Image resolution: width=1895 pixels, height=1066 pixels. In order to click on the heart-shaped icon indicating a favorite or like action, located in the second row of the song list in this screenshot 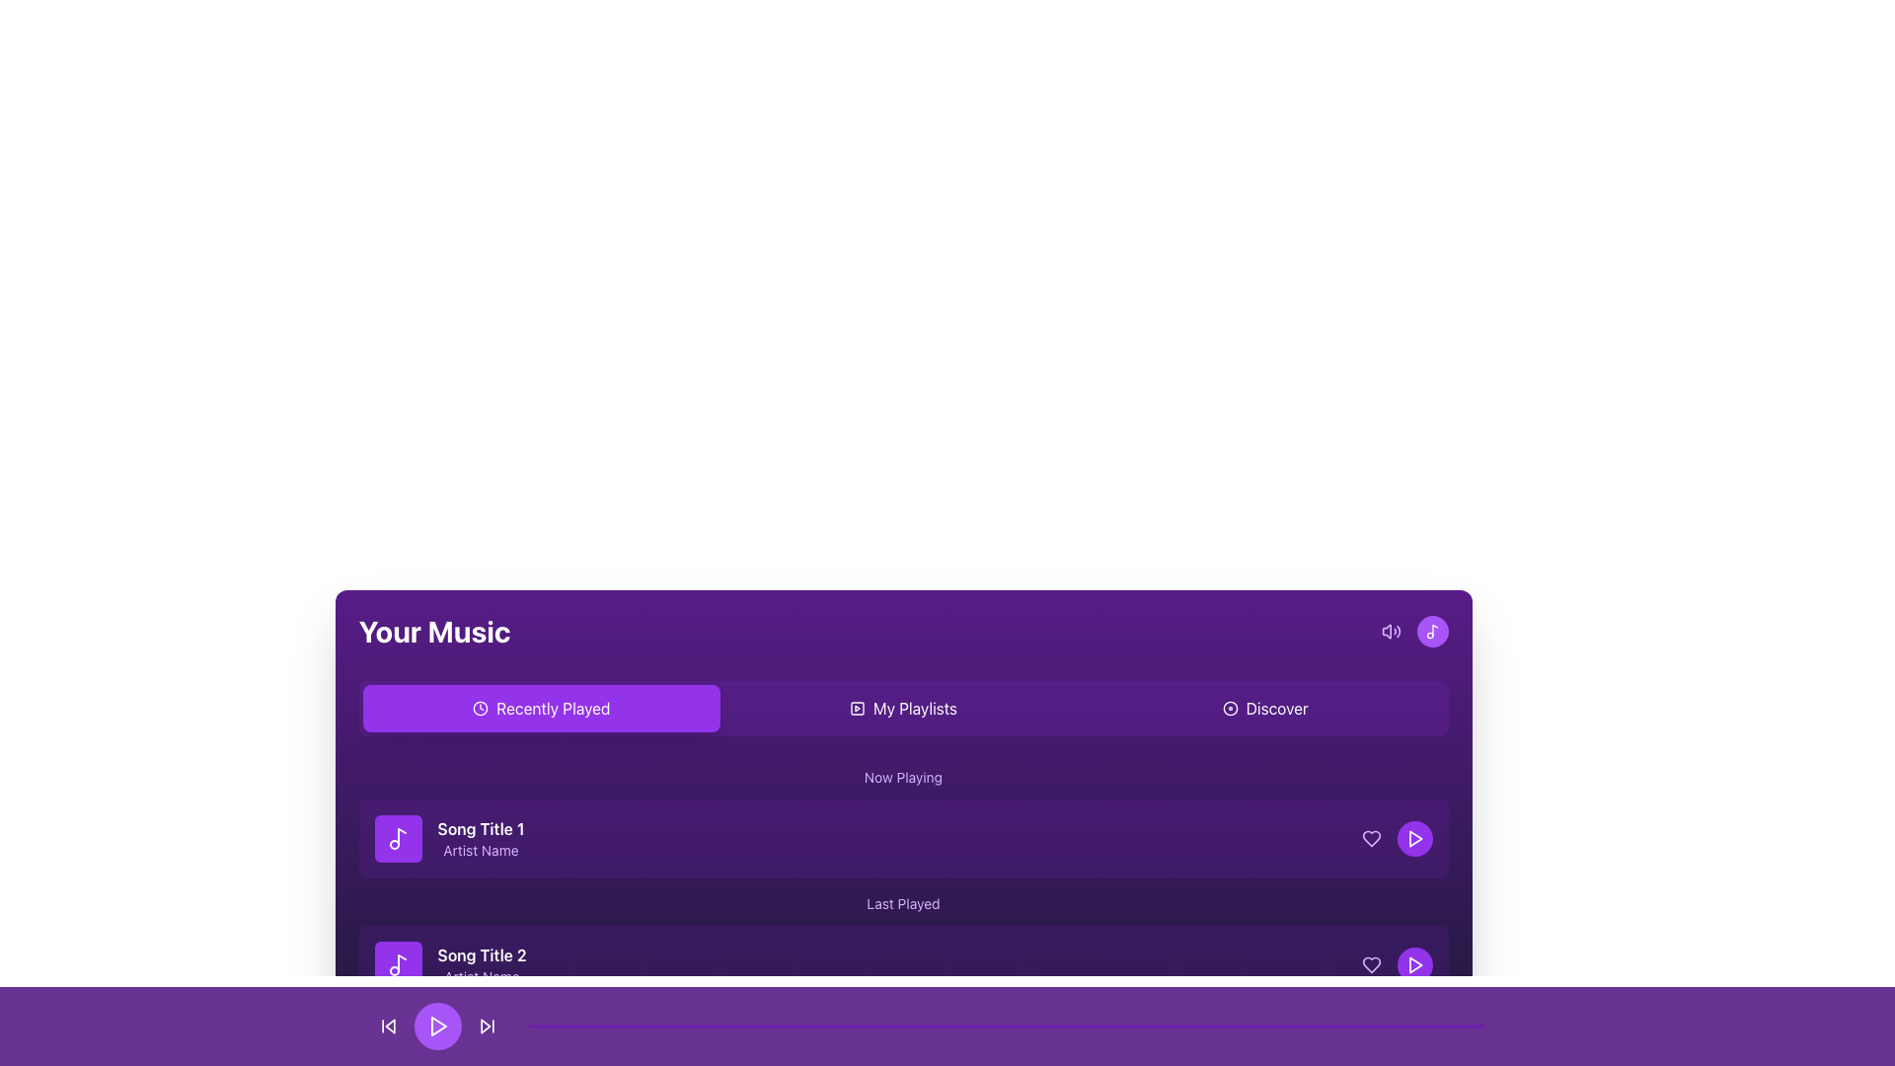, I will do `click(1370, 838)`.